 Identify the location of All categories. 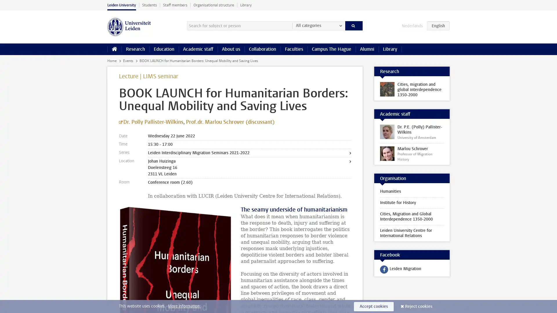
(318, 25).